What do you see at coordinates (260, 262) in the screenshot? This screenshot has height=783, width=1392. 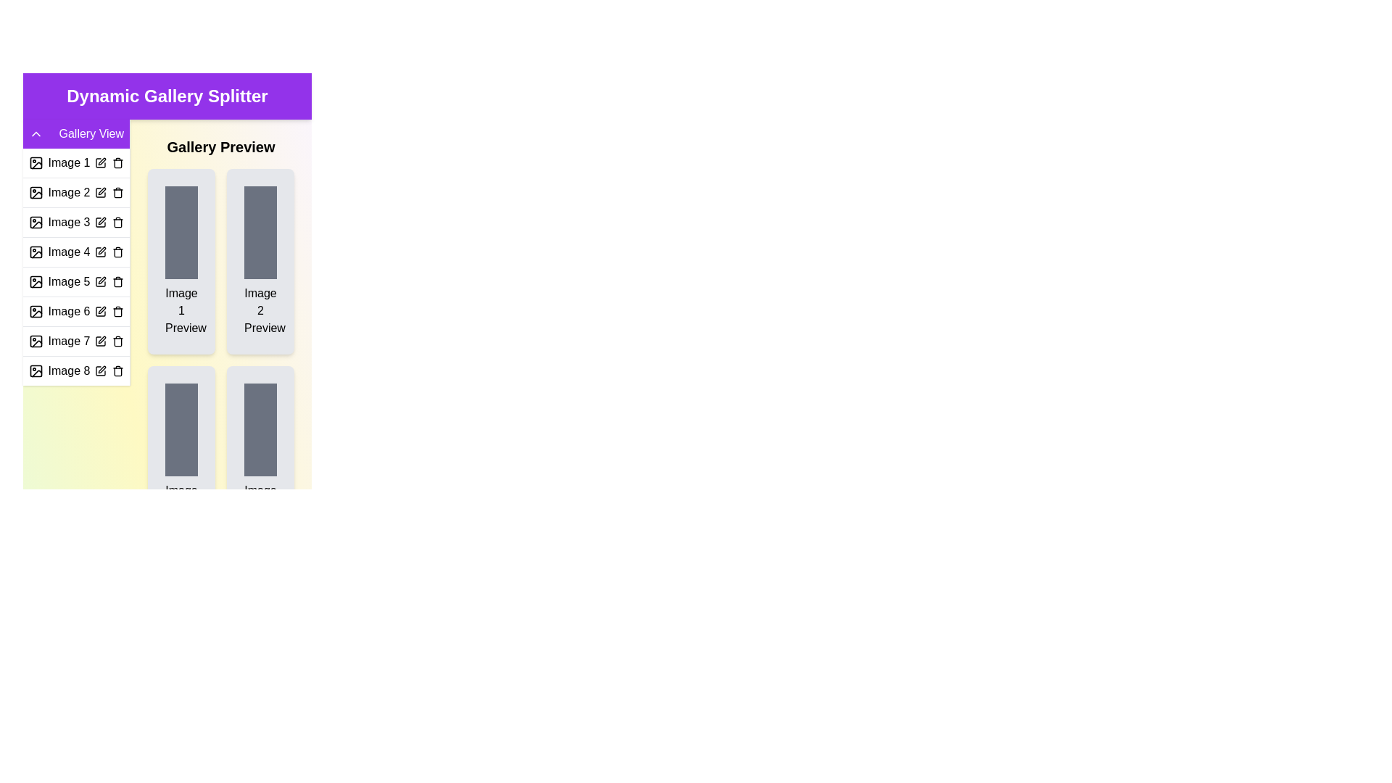 I see `the second Card component in the 'Gallery Preview' section` at bounding box center [260, 262].